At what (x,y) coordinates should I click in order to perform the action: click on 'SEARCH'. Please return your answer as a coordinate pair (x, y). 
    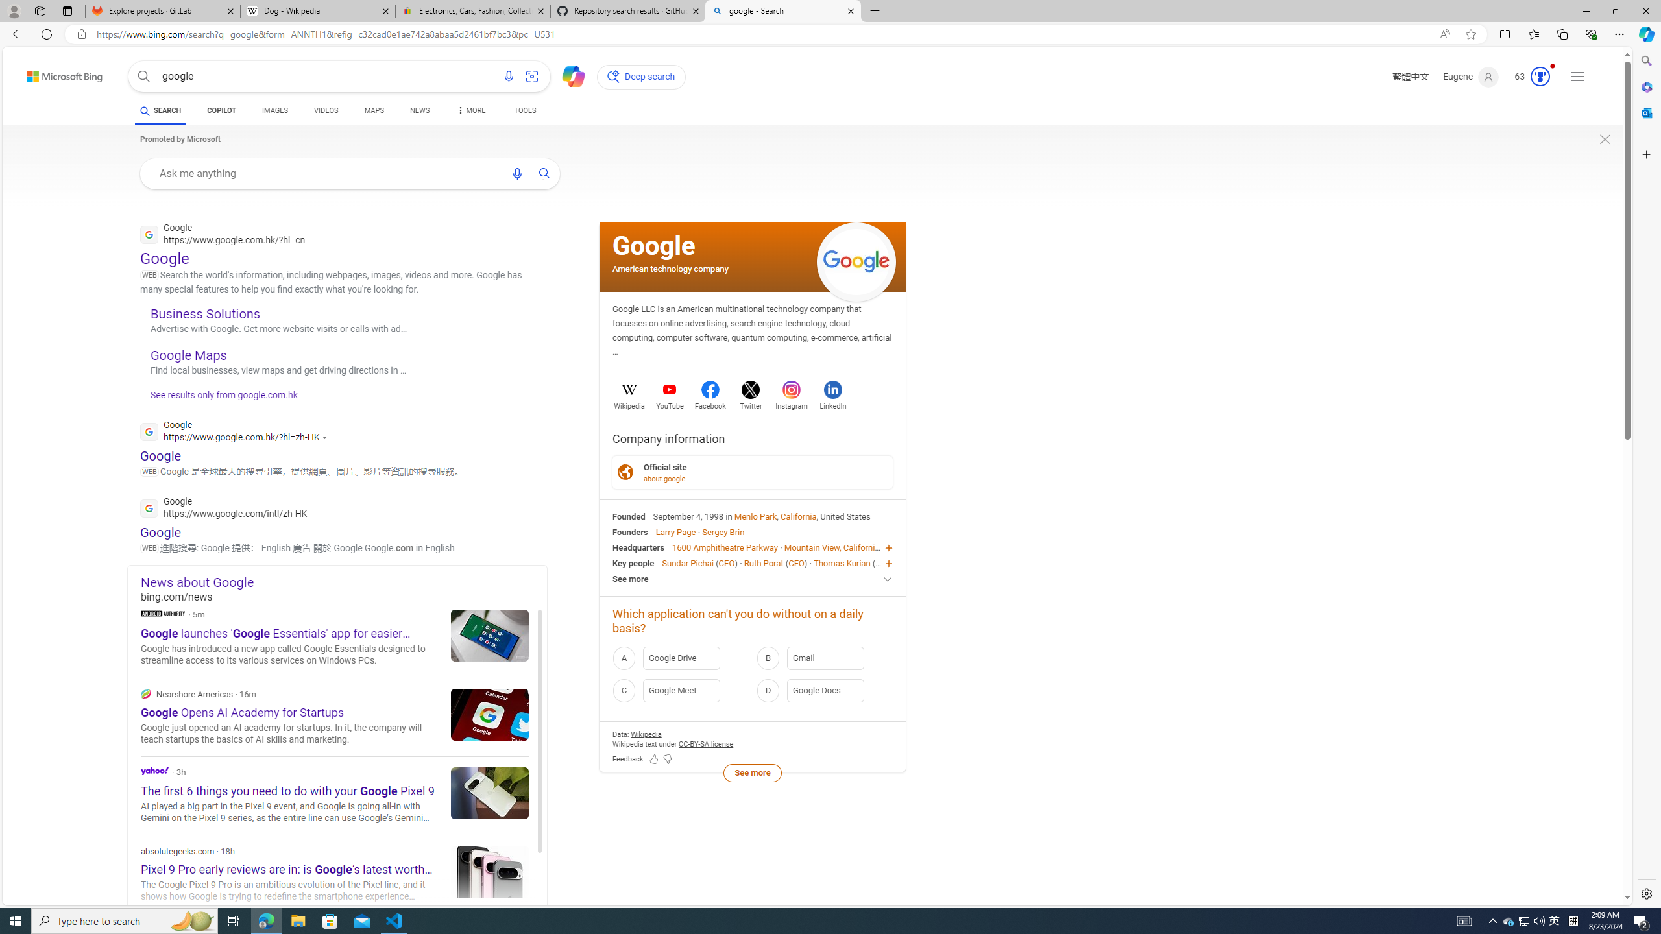
    Looking at the image, I should click on (160, 110).